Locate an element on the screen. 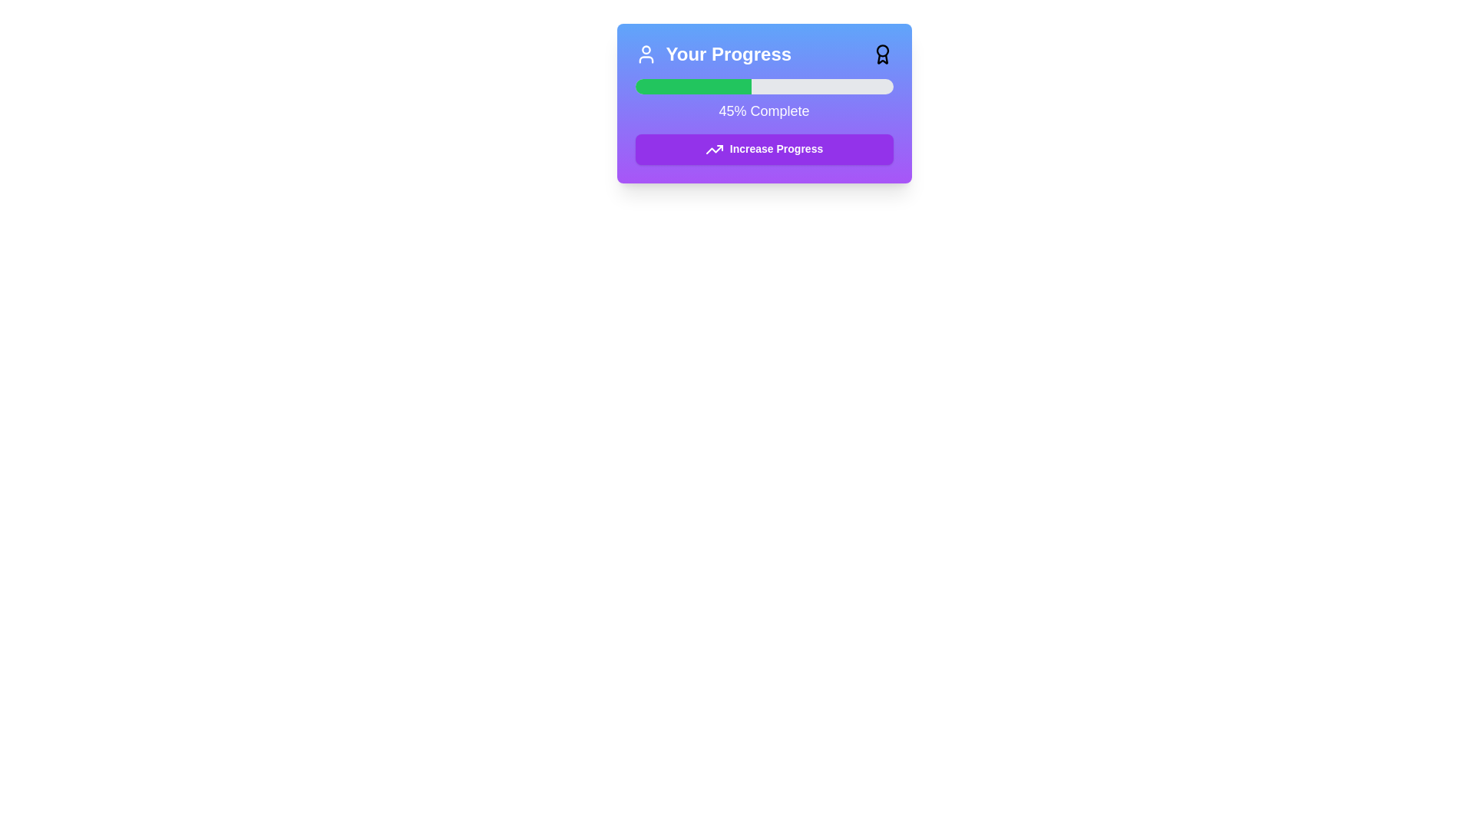  the Progress Bar located below the title 'Your Progress' and above the '45% Complete' text label, which has a light gray background and a green fill is located at coordinates (764, 86).